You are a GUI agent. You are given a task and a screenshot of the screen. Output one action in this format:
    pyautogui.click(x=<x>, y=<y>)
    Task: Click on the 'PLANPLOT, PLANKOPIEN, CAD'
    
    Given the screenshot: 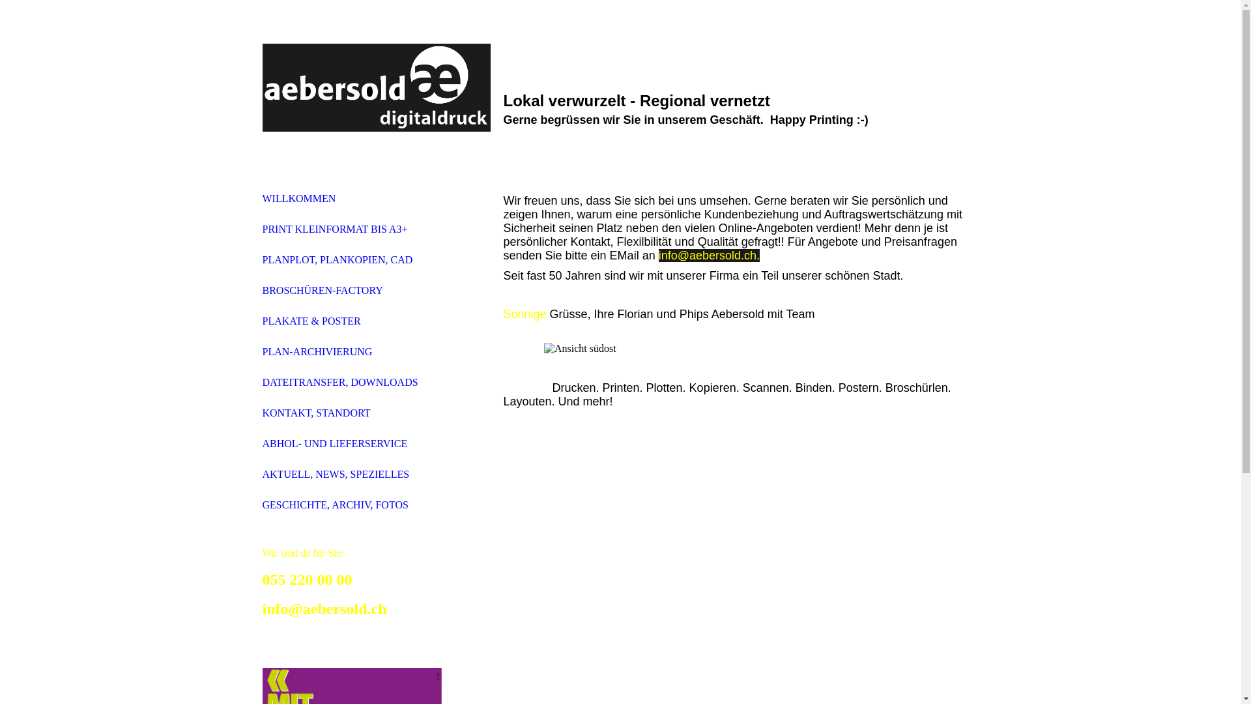 What is the action you would take?
    pyautogui.click(x=337, y=259)
    